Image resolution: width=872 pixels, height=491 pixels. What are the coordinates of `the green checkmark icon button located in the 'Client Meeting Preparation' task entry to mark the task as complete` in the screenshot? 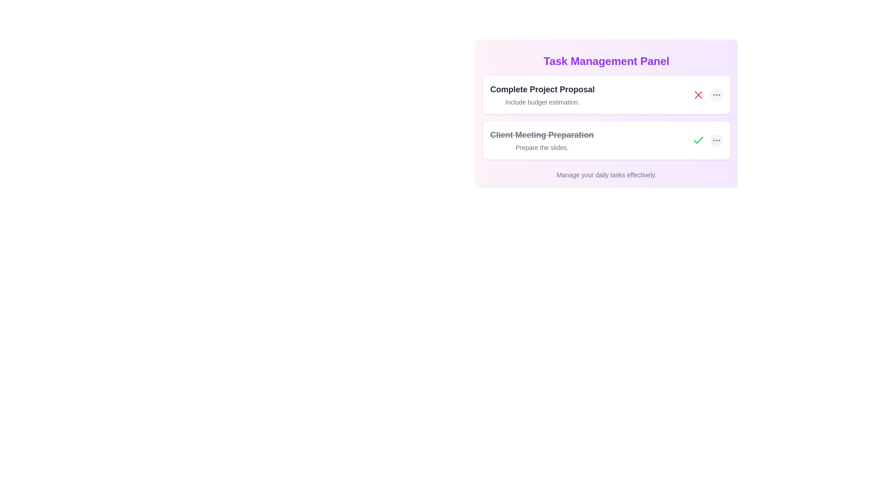 It's located at (698, 140).